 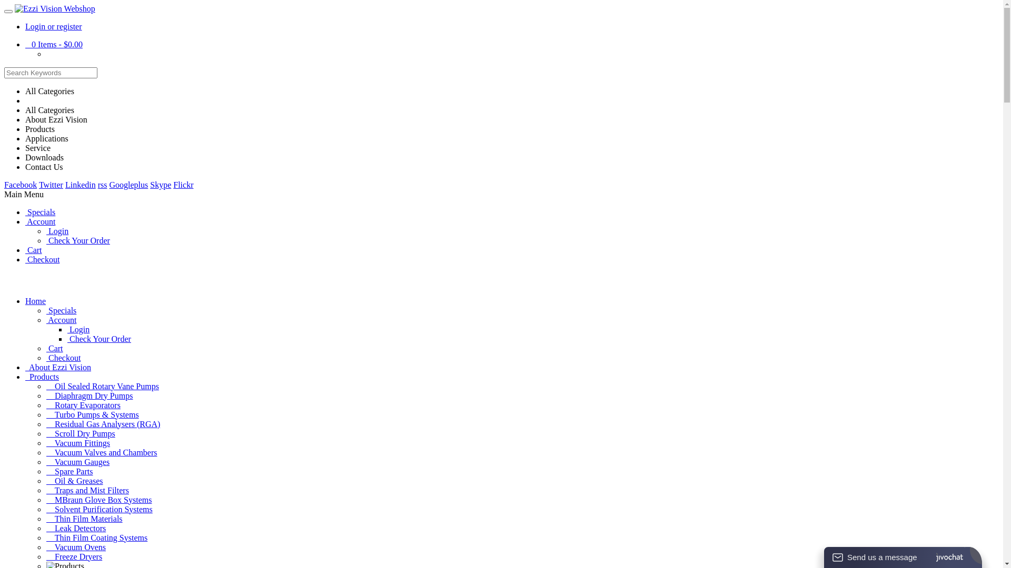 I want to click on '    Vacuum Valves and Chambers', so click(x=101, y=452).